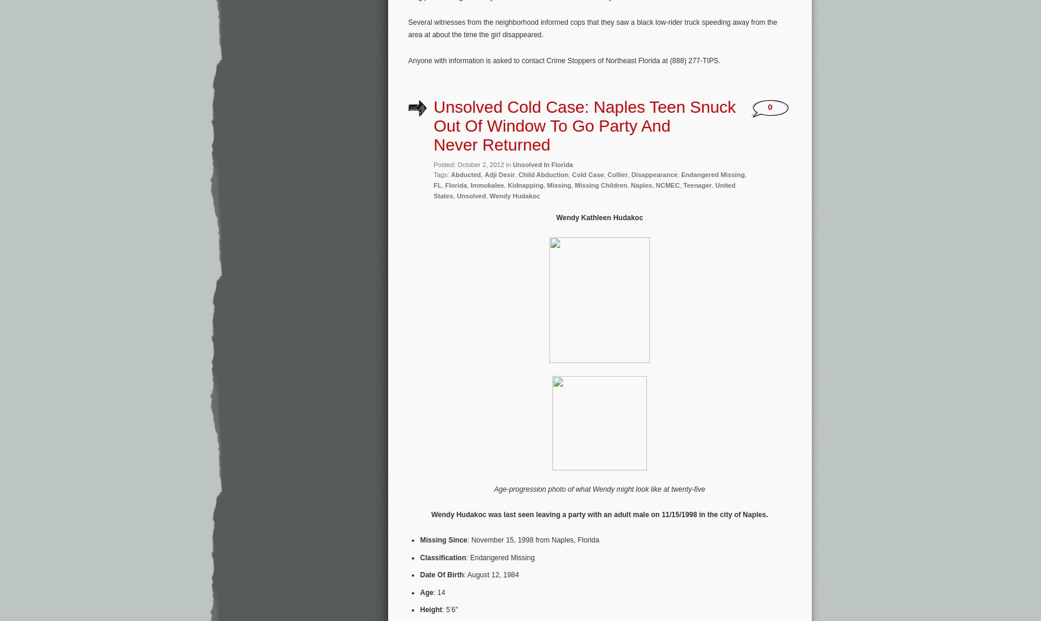  I want to click on 'Unsolved Cold Case: Naples Teen Snuck Out Of Window To Go Party And Never Returned', so click(584, 125).